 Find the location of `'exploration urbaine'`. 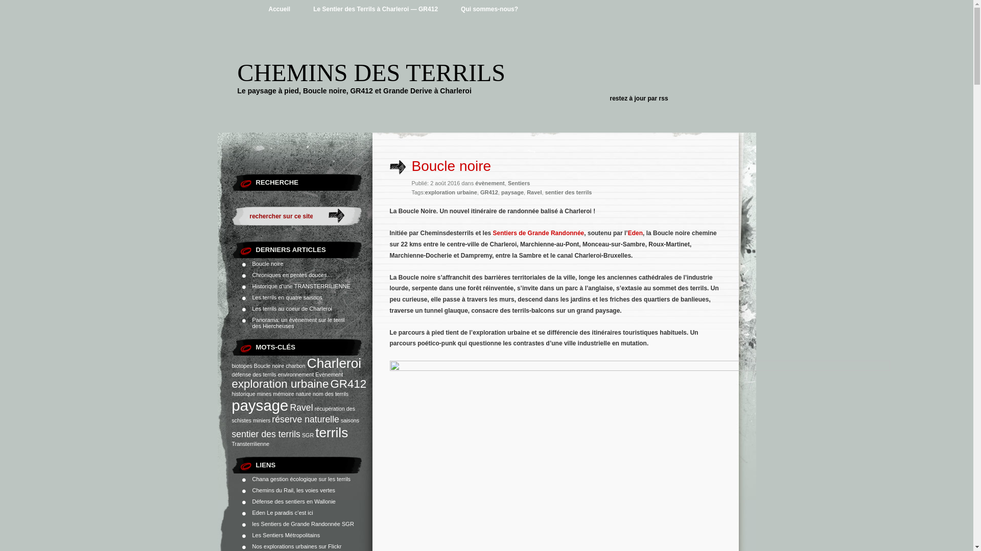

'exploration urbaine' is located at coordinates (451, 192).